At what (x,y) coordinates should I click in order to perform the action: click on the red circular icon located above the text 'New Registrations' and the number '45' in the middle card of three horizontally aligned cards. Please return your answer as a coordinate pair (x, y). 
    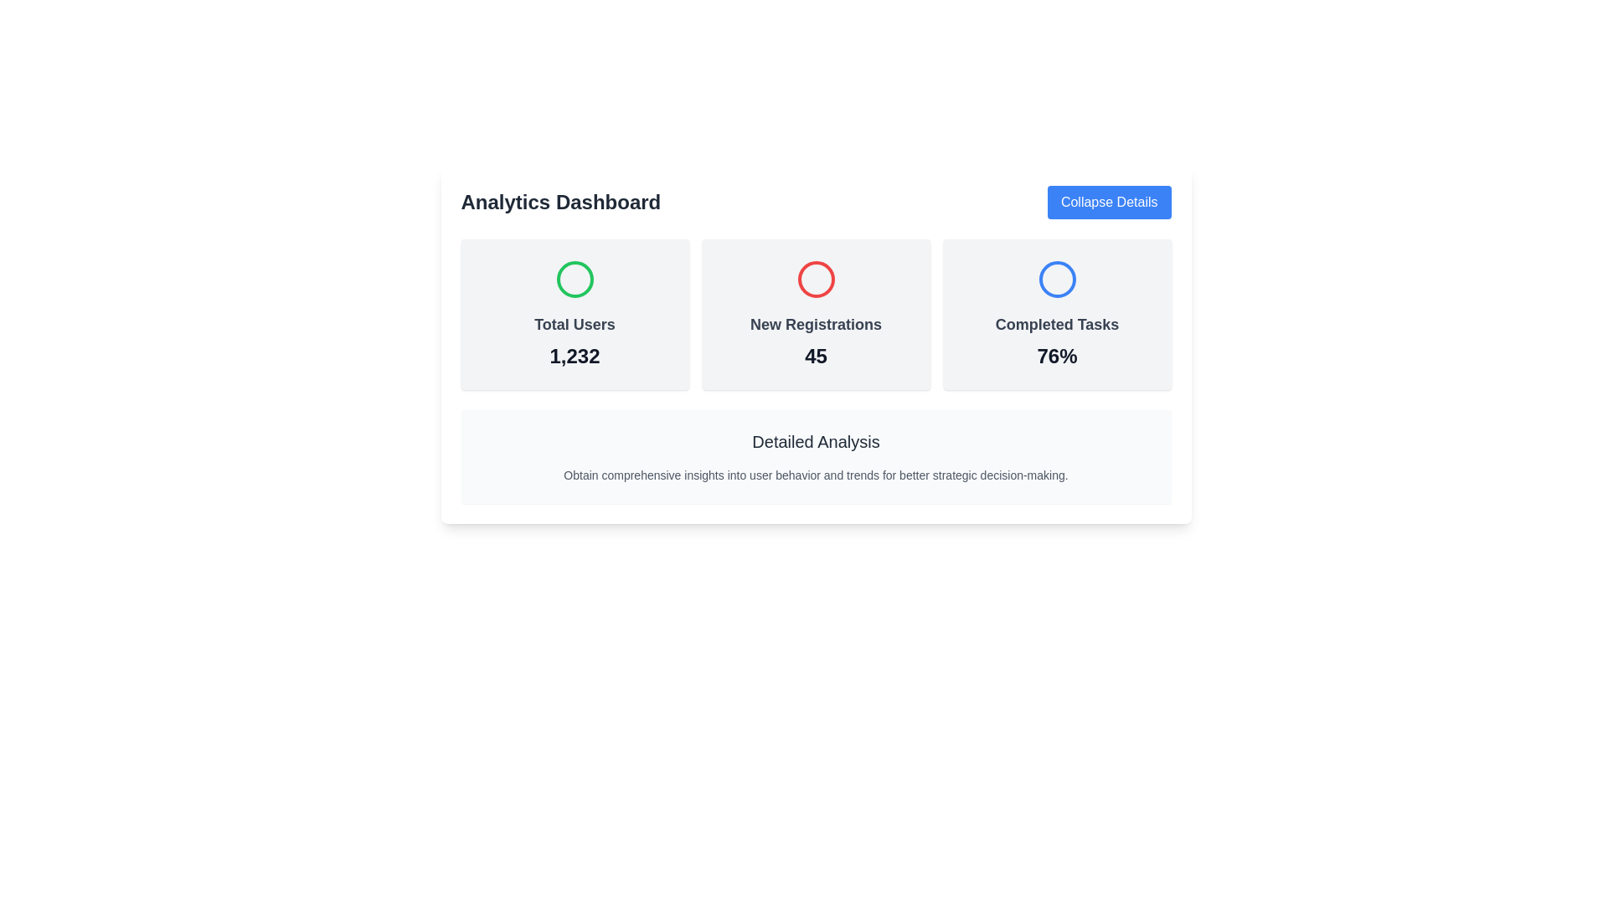
    Looking at the image, I should click on (816, 279).